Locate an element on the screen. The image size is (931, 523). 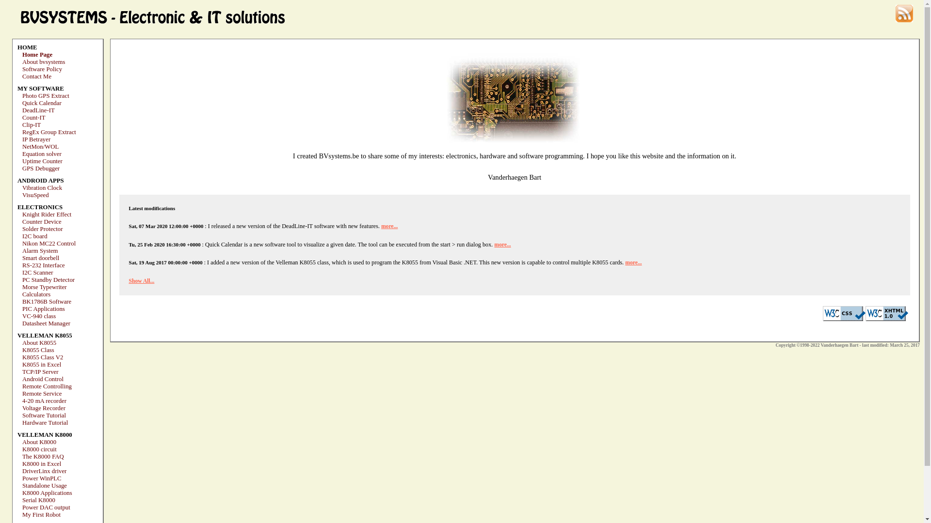
'My First Robot' is located at coordinates (41, 514).